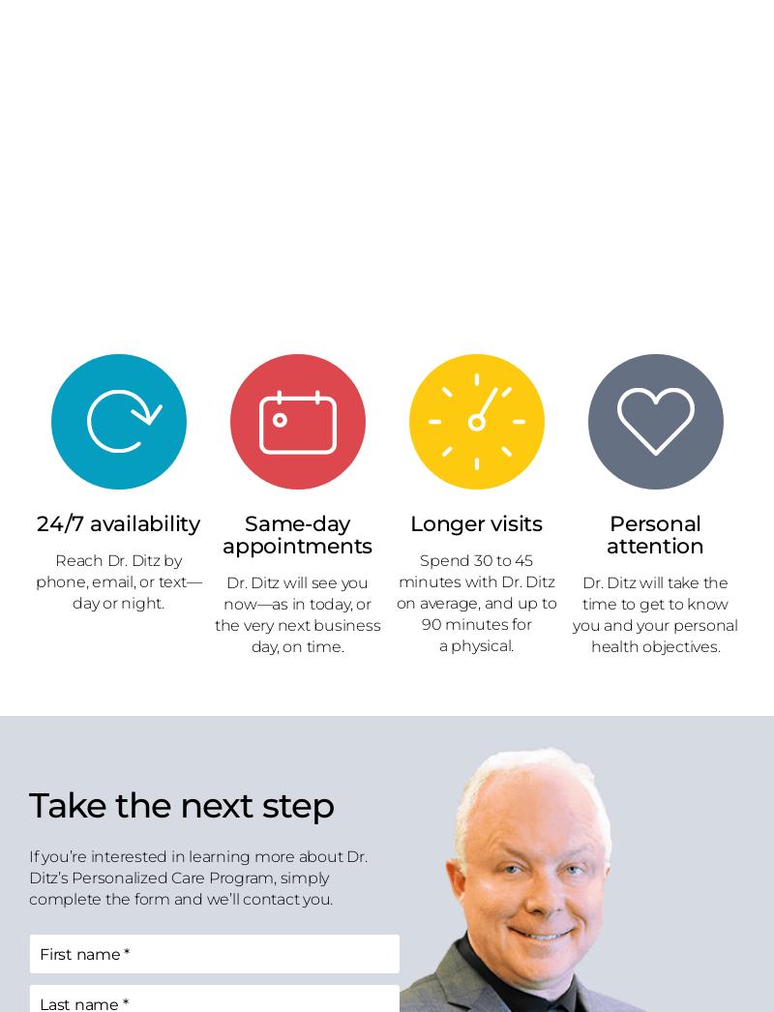 The image size is (774, 1012). What do you see at coordinates (654, 612) in the screenshot?
I see `'Dr. Ditz will take the time to get to know you and your personal health objectives.'` at bounding box center [654, 612].